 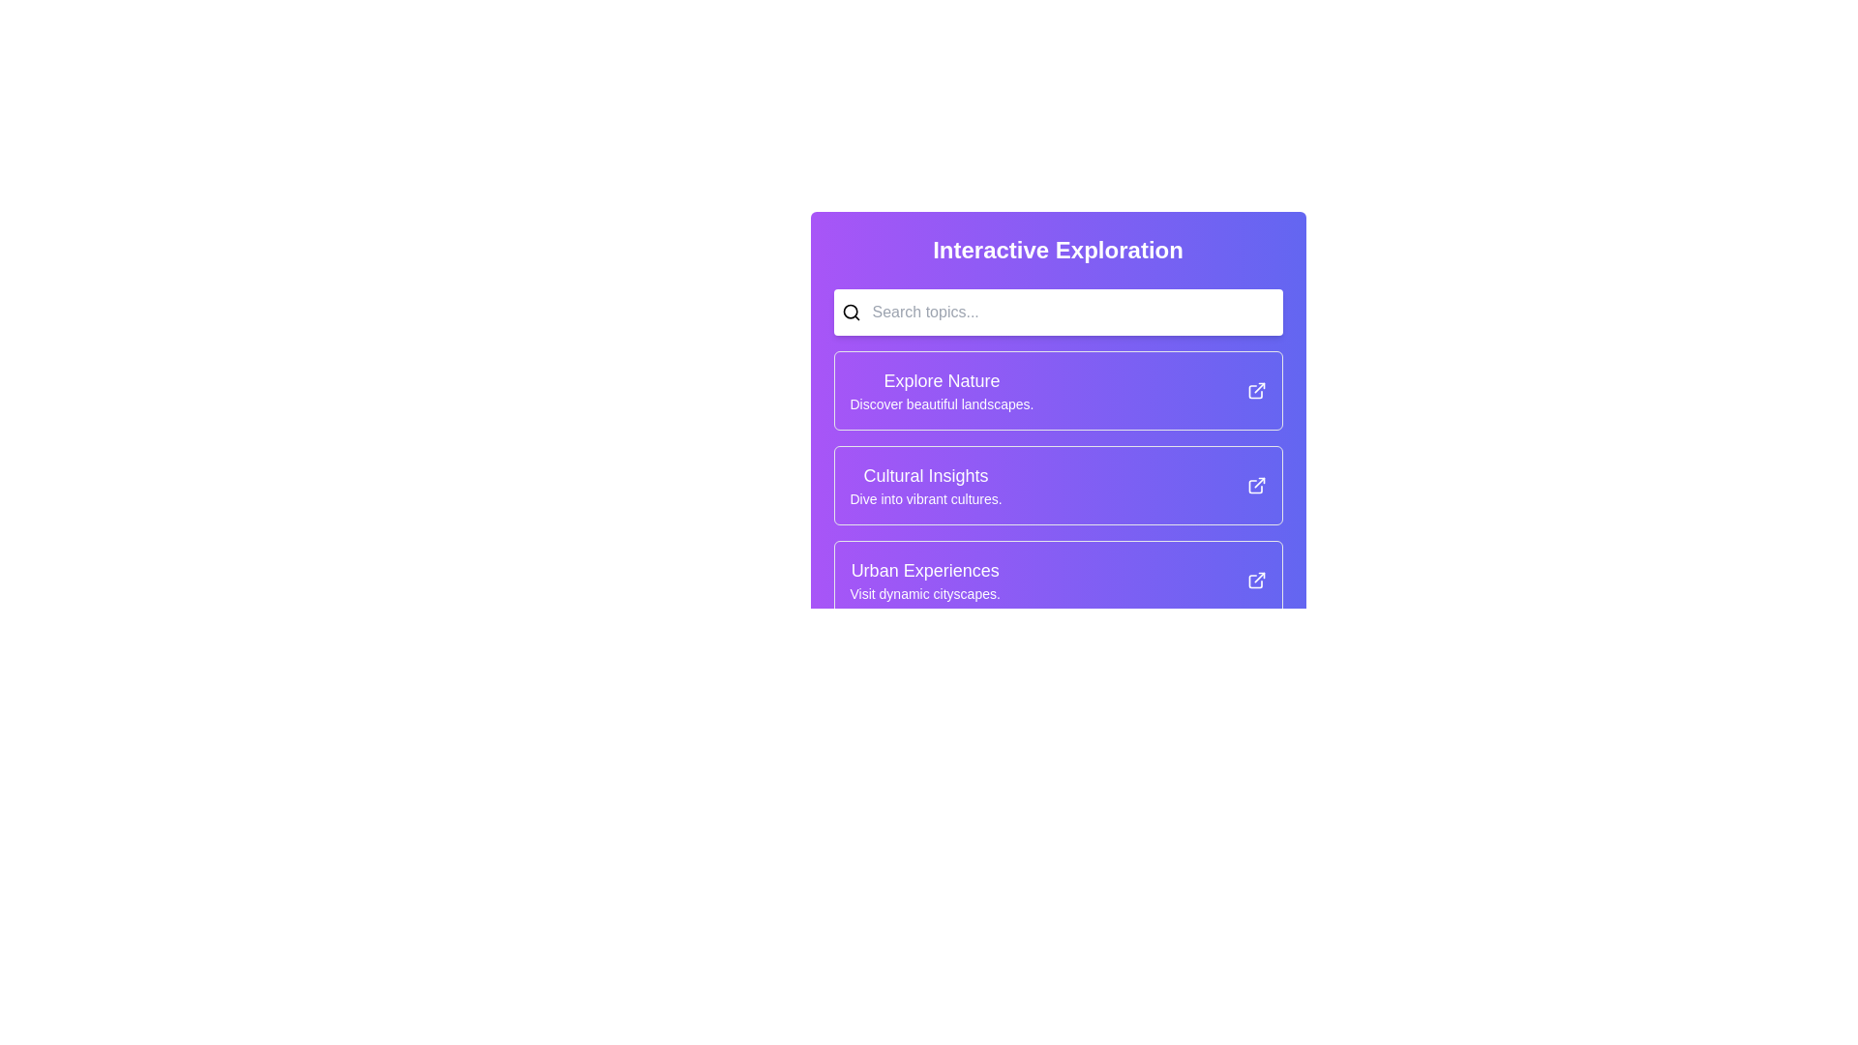 I want to click on the text element reading 'Visit dynamic cityscapes.' which is styled as a descriptive subtitle on a purple background, positioned below the title 'Urban Experiences.', so click(x=924, y=592).